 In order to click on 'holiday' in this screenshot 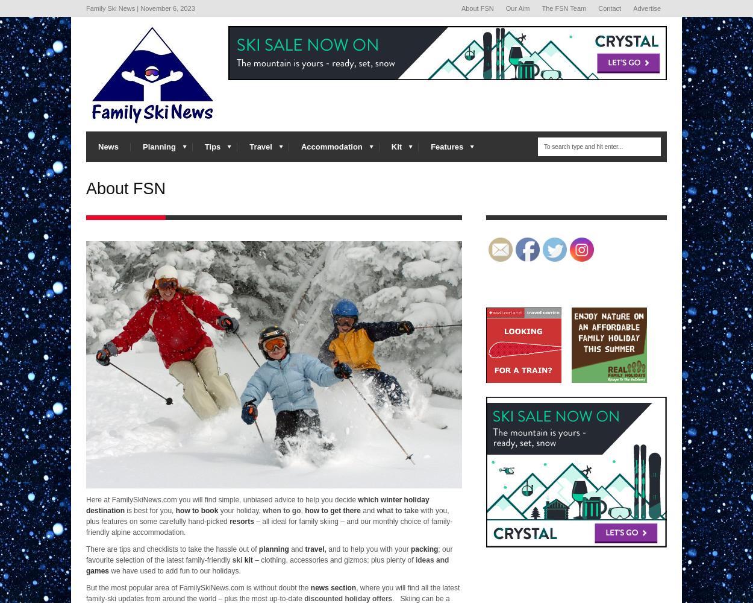, I will do `click(344, 598)`.